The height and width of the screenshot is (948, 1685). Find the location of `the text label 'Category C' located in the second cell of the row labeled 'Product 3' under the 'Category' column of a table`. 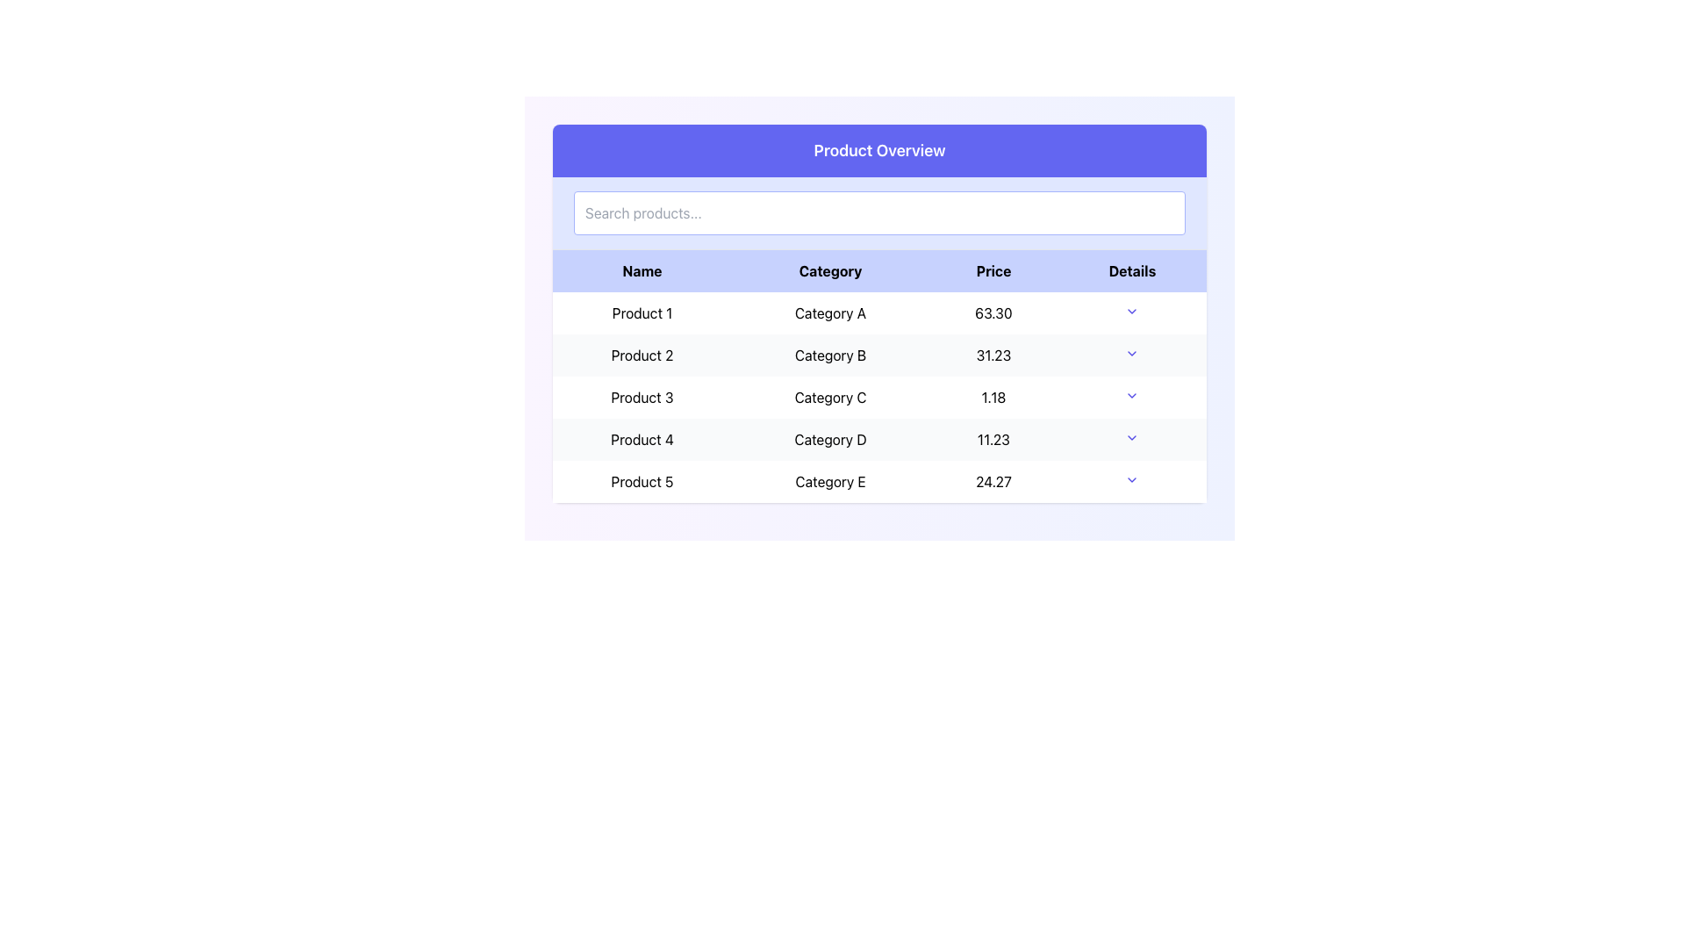

the text label 'Category C' located in the second cell of the row labeled 'Product 3' under the 'Category' column of a table is located at coordinates (829, 397).